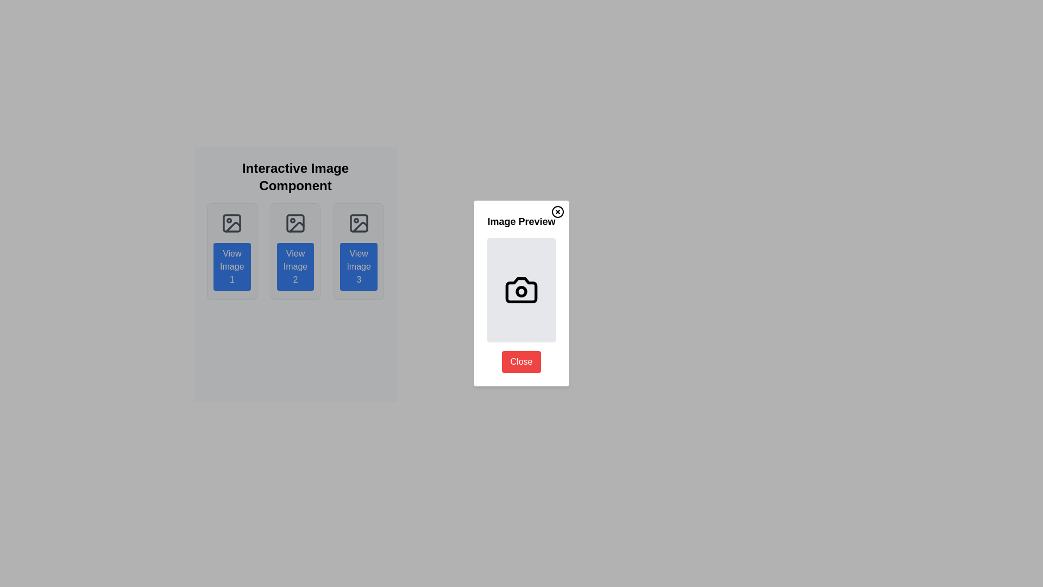 The image size is (1043, 587). What do you see at coordinates (295, 251) in the screenshot?
I see `the second button labeled 'View Image 2' located below the header 'Interactive Image Component'` at bounding box center [295, 251].